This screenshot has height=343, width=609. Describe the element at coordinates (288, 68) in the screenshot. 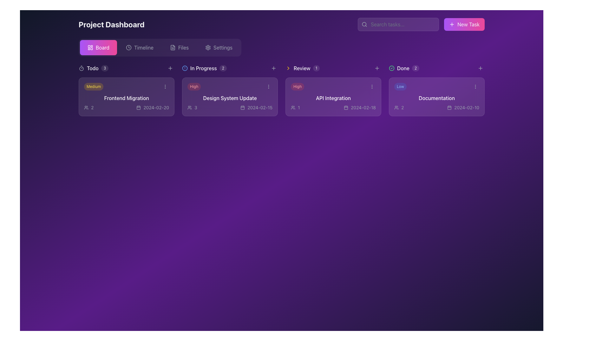

I see `the chevron icon located in the 'Review' section of the project dashboard` at that location.